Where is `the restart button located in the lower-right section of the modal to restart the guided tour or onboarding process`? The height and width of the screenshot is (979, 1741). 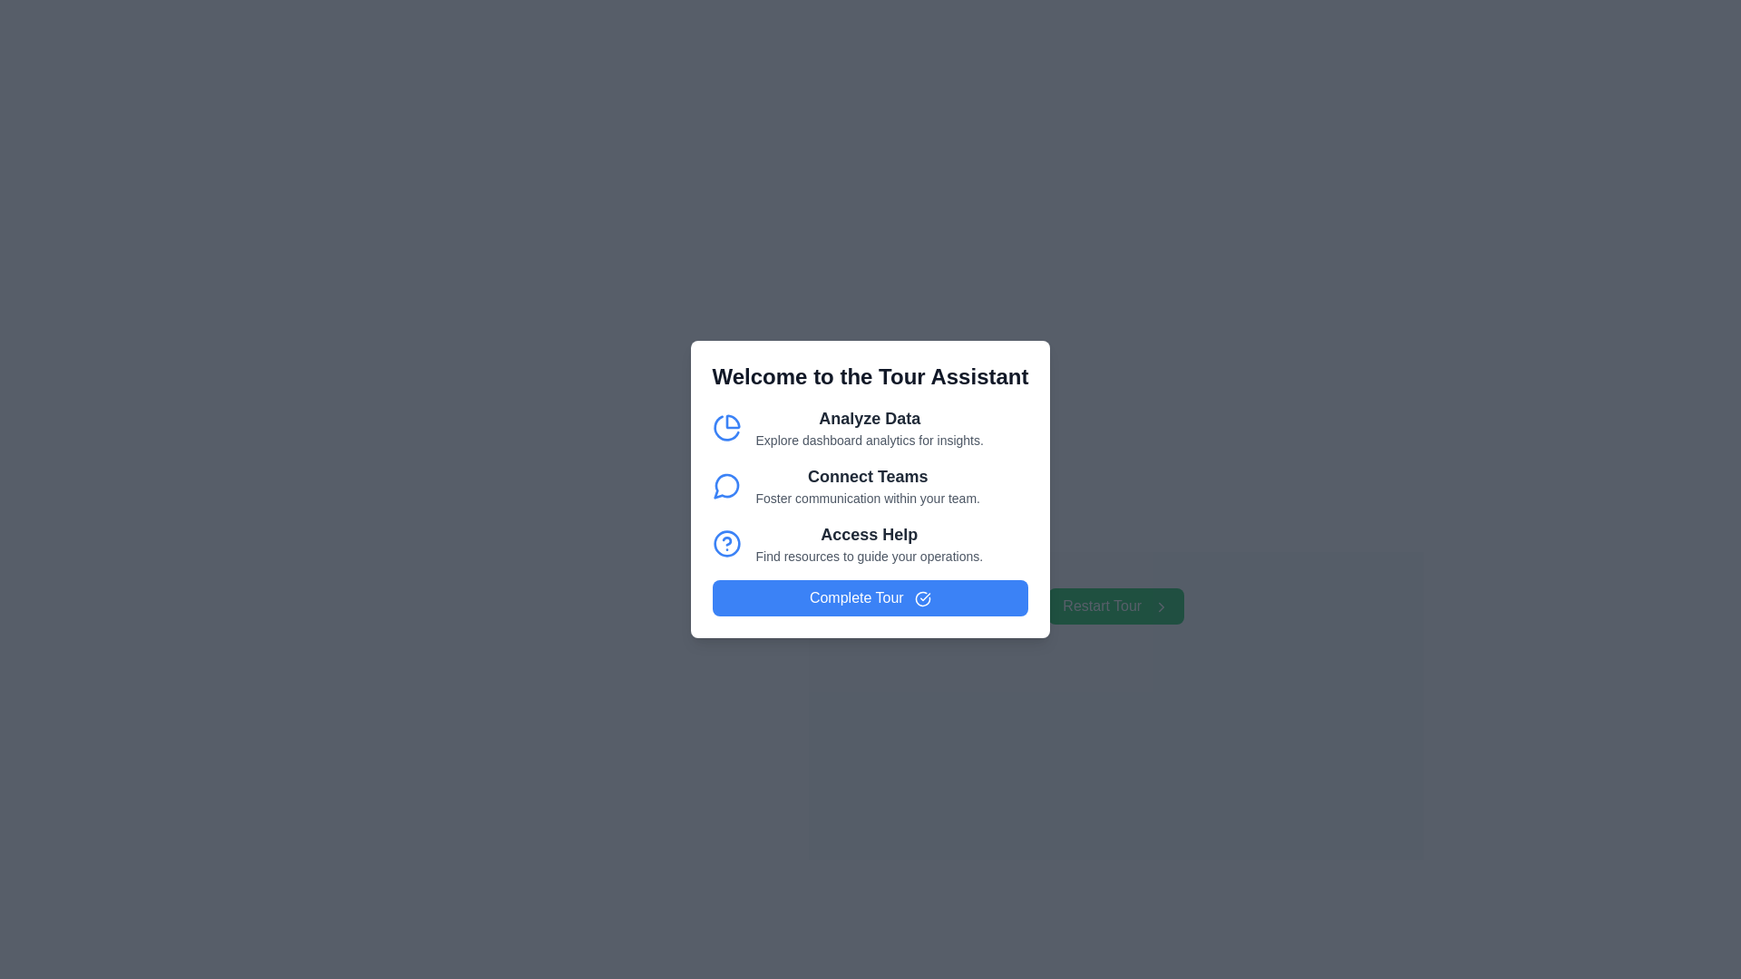
the restart button located in the lower-right section of the modal to restart the guided tour or onboarding process is located at coordinates (1114, 694).